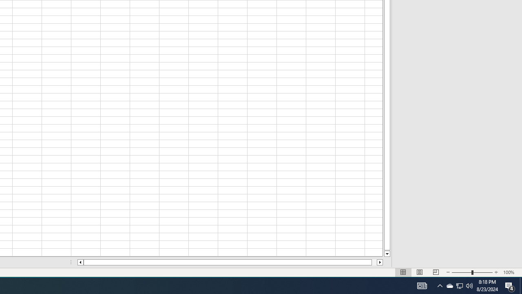 This screenshot has width=522, height=294. I want to click on 'AutomationID: 4105', so click(422, 285).